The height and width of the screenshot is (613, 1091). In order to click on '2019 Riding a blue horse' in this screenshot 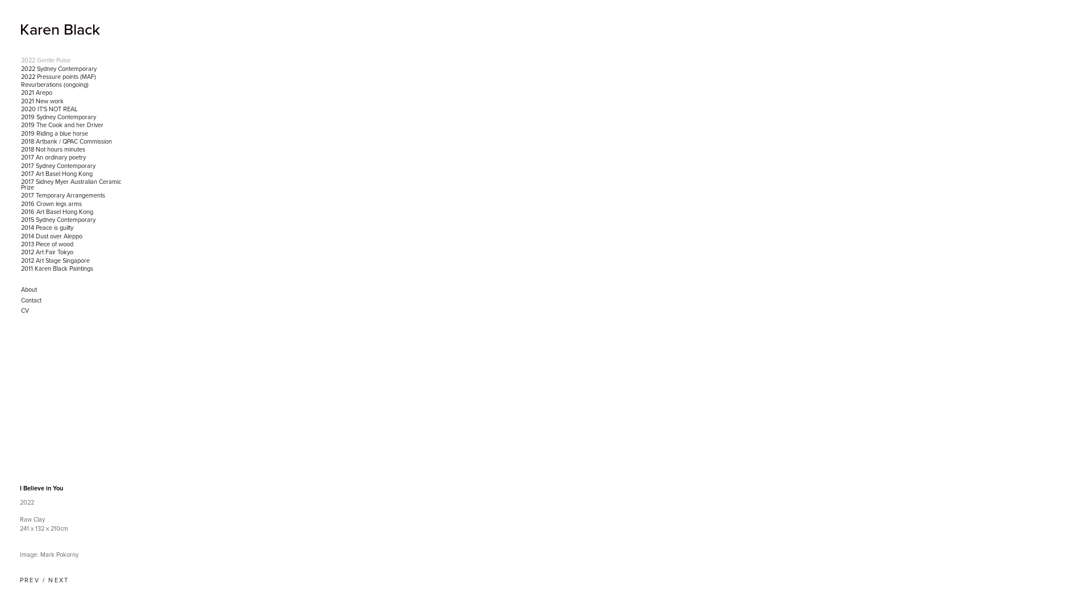, I will do `click(73, 133)`.